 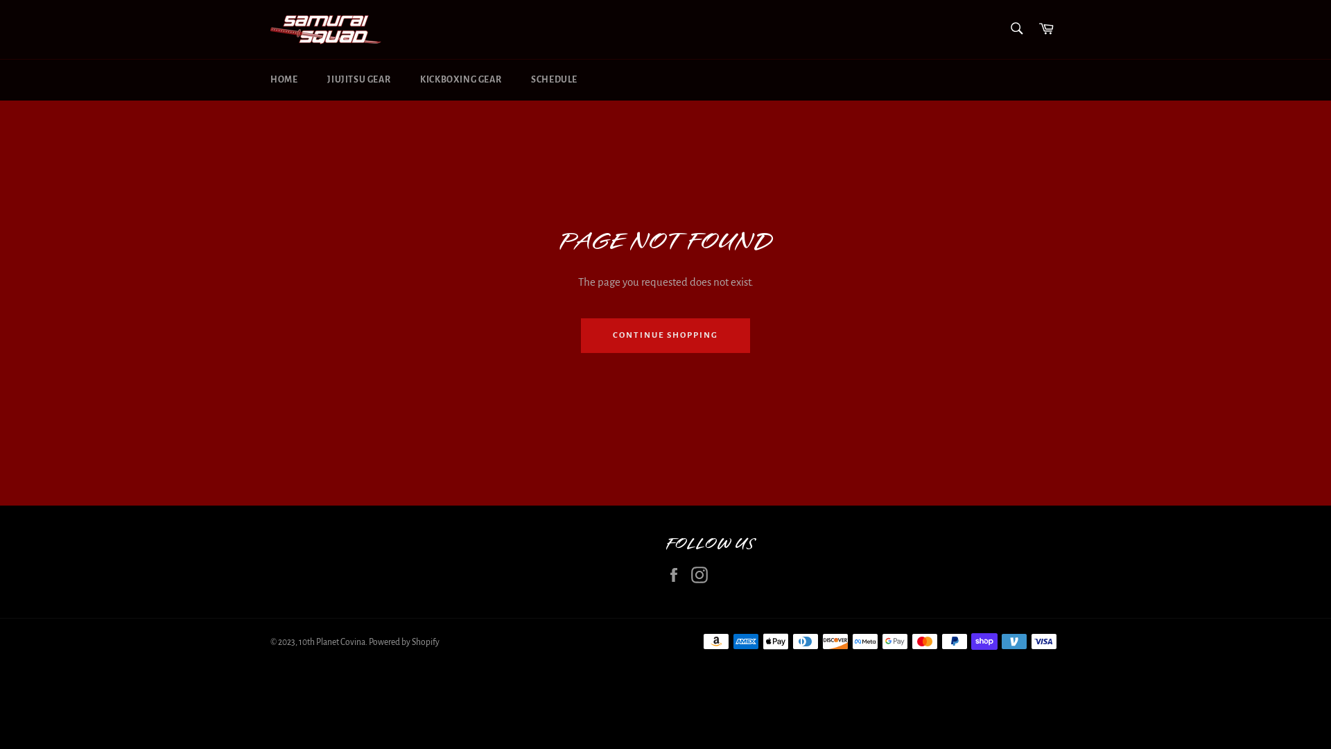 What do you see at coordinates (283, 80) in the screenshot?
I see `'HOME'` at bounding box center [283, 80].